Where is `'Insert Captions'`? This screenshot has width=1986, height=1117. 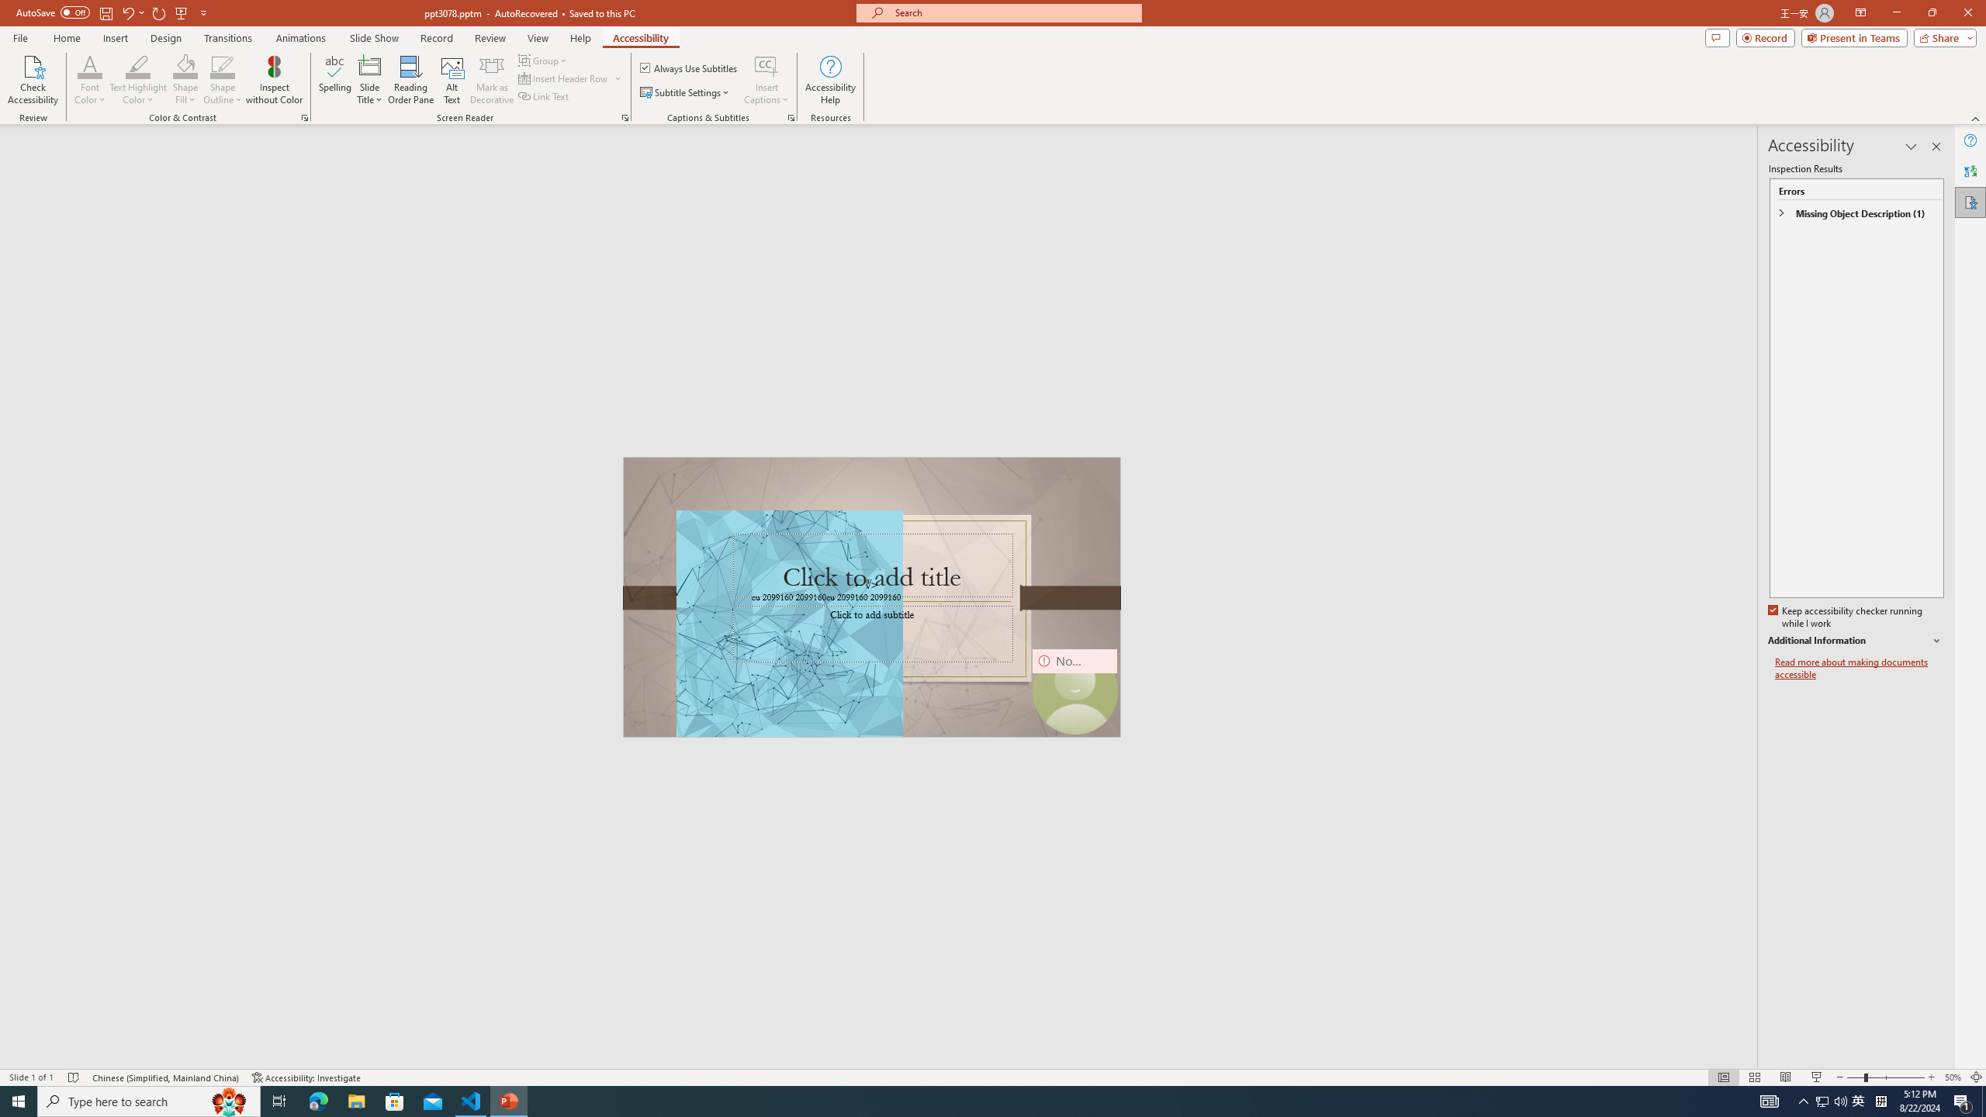
'Insert Captions' is located at coordinates (766, 65).